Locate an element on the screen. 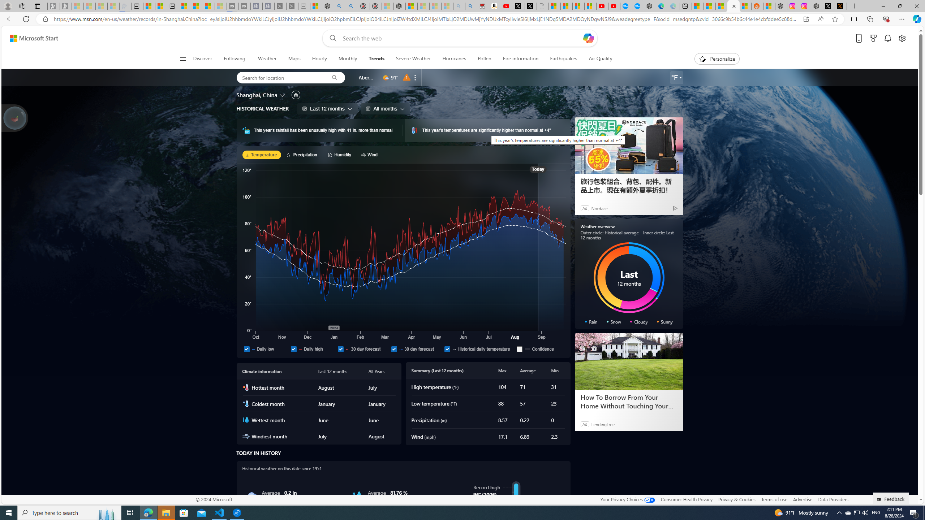  'Confidence' is located at coordinates (520, 348).